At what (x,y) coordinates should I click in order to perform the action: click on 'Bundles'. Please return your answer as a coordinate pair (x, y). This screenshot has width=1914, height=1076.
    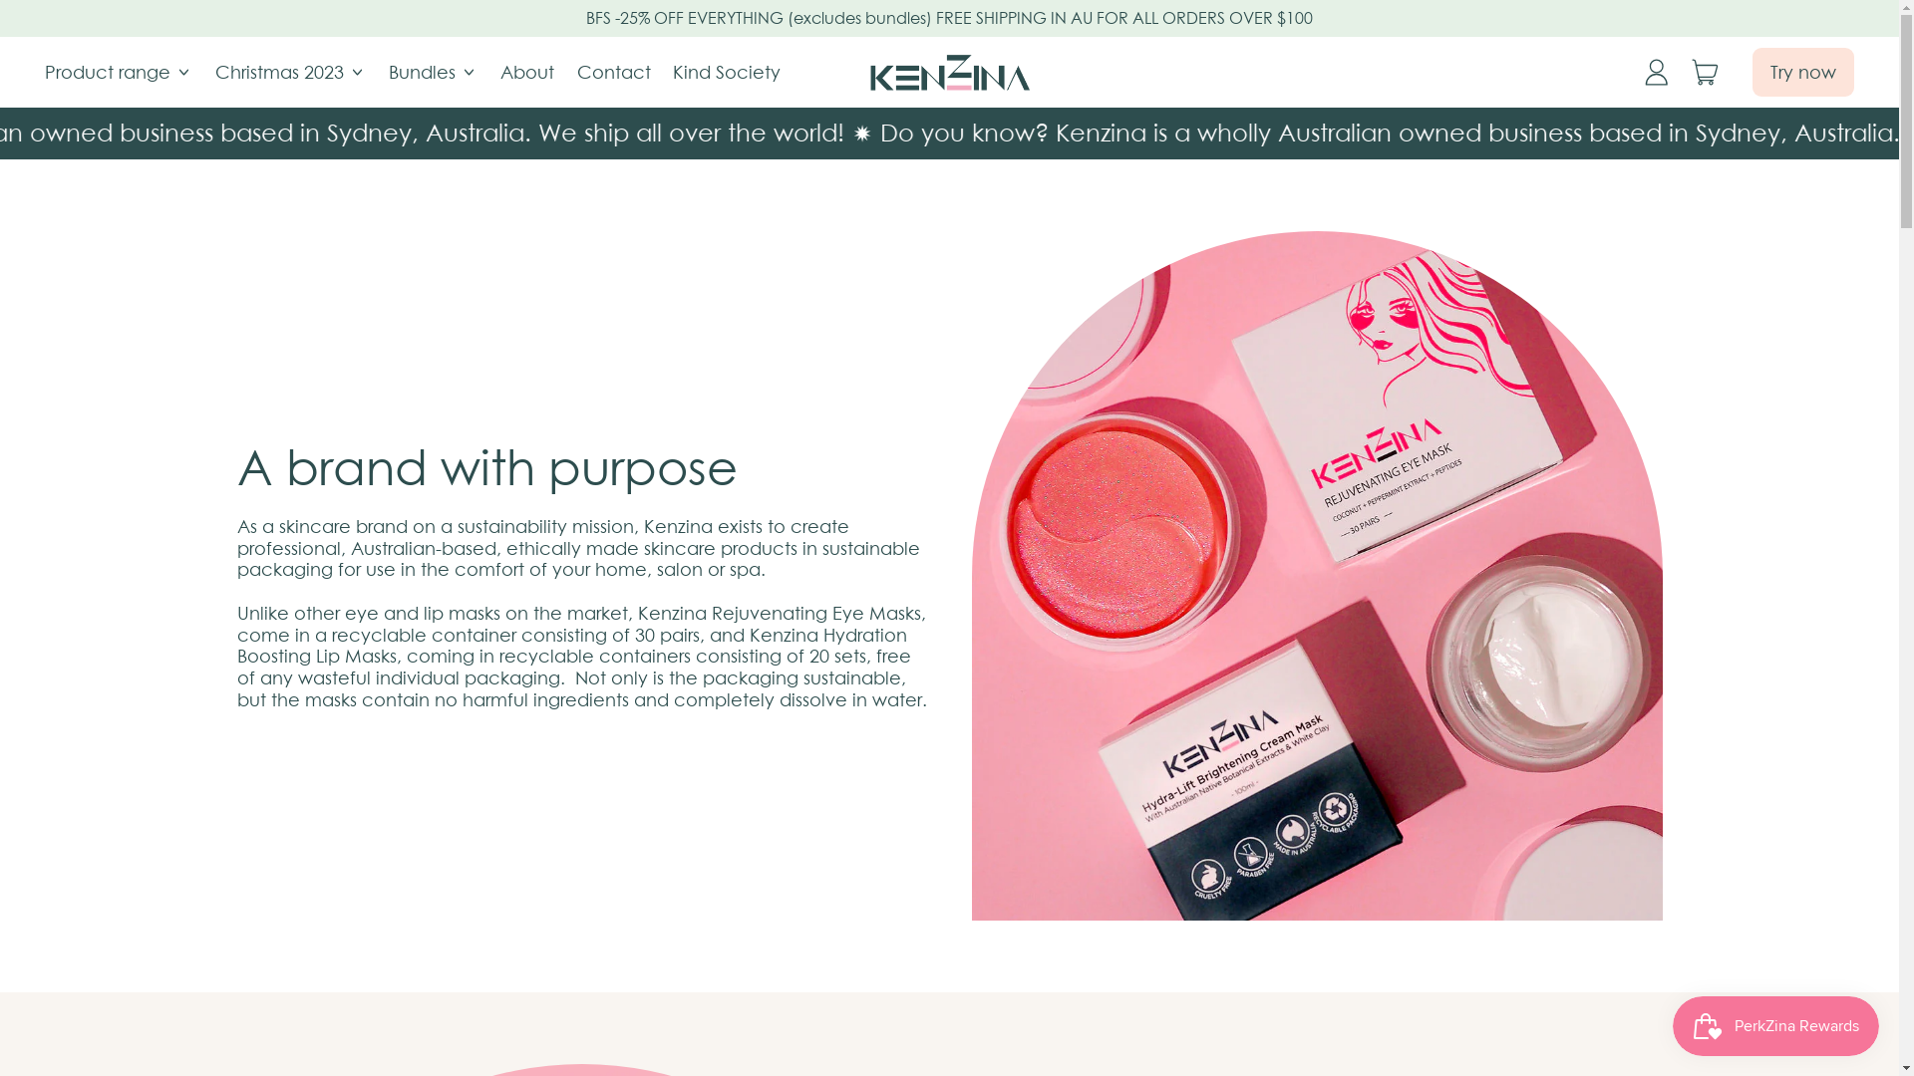
    Looking at the image, I should click on (433, 71).